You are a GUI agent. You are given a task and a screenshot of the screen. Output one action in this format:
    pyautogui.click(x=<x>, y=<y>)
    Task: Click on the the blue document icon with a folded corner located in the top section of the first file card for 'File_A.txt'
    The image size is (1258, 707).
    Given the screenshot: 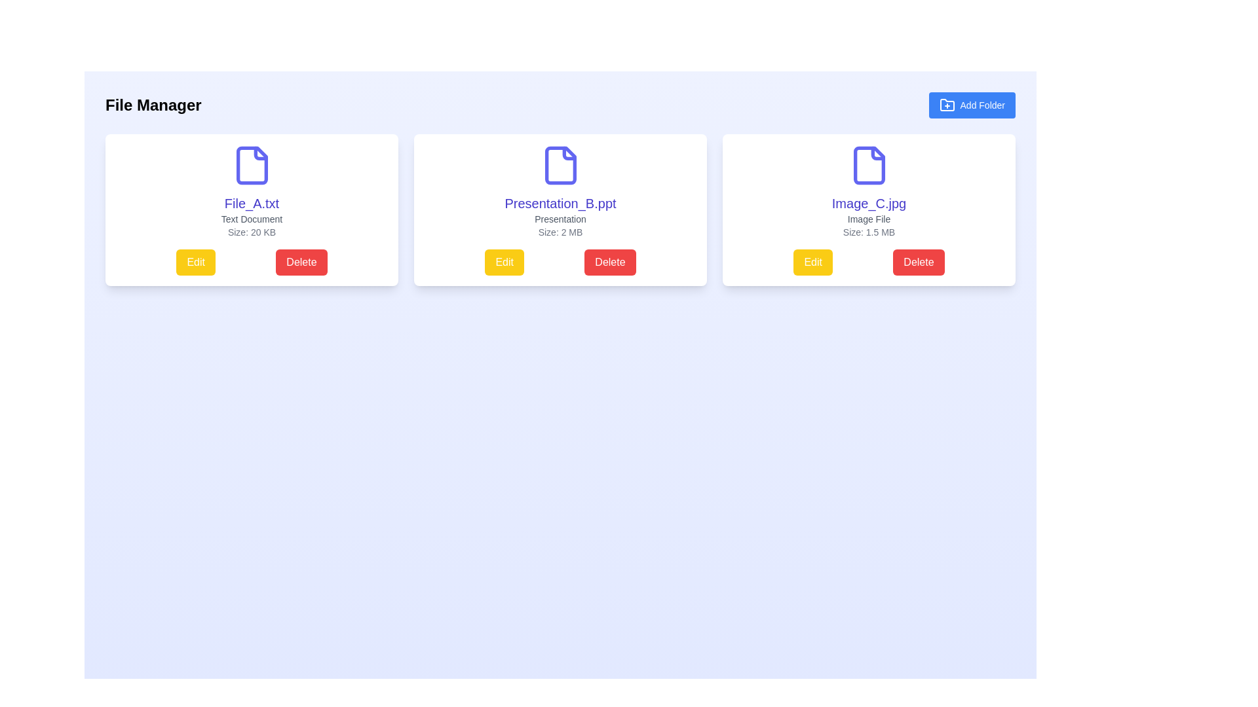 What is the action you would take?
    pyautogui.click(x=252, y=165)
    